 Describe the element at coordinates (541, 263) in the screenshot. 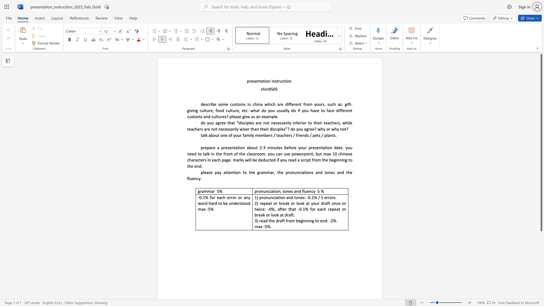

I see `the right-hand scrollbar to descend the page` at that location.